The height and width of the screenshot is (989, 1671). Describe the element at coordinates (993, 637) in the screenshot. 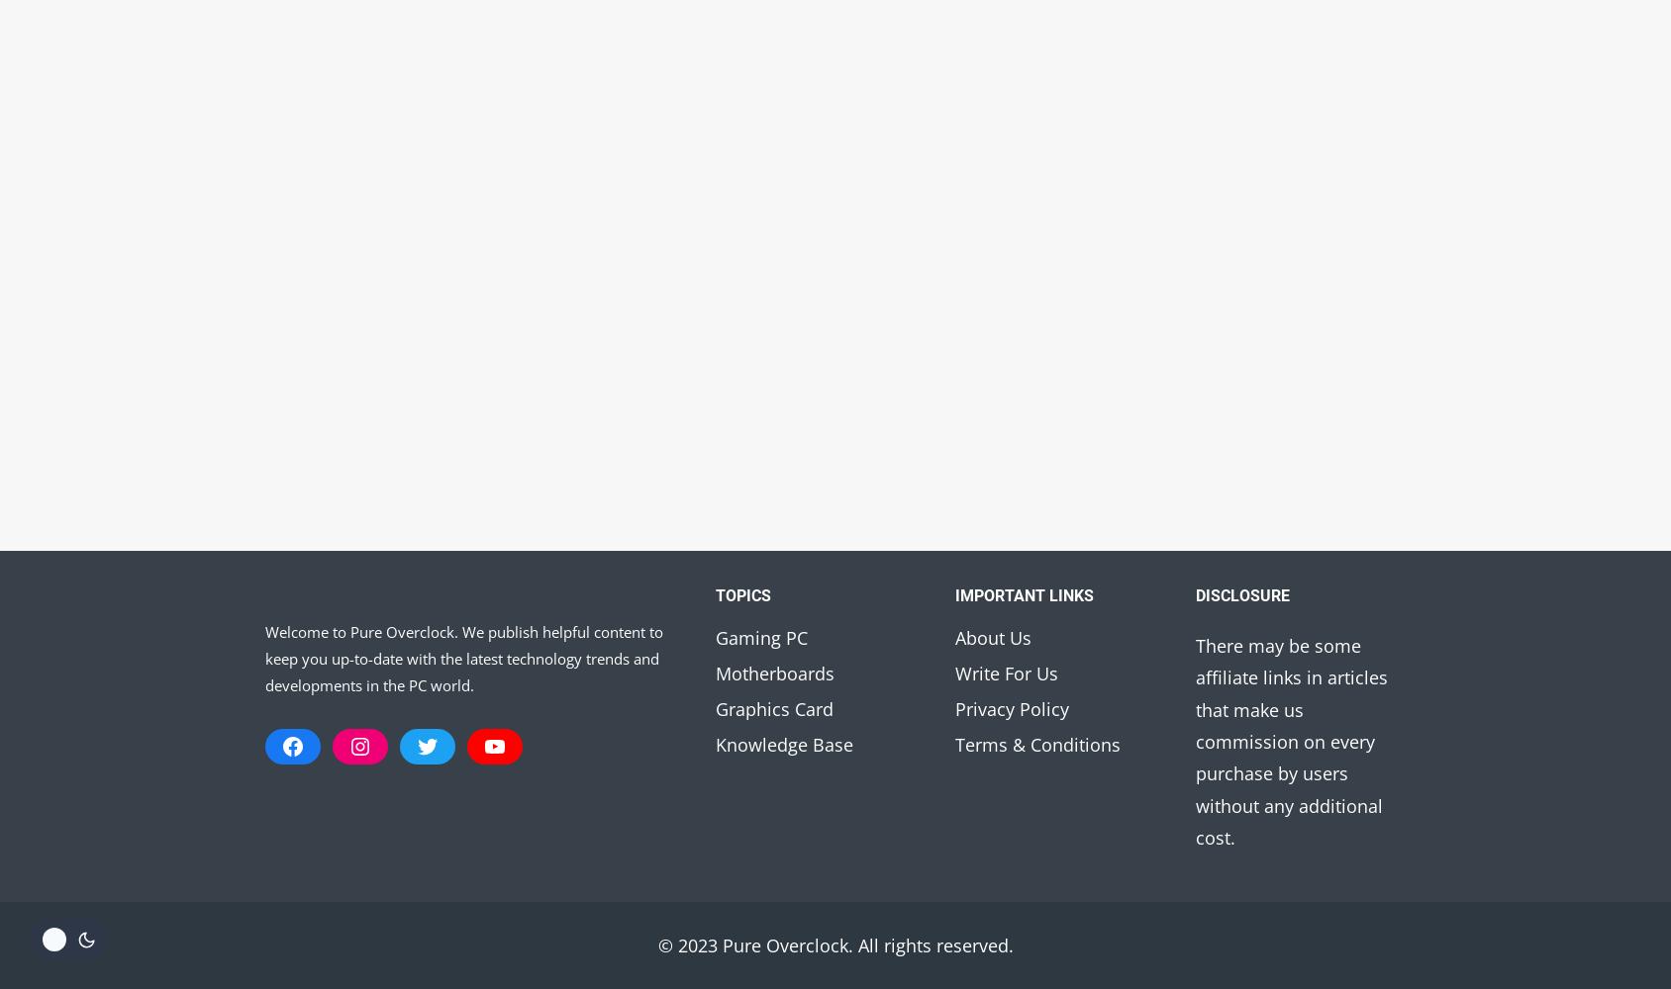

I see `'About Us'` at that location.